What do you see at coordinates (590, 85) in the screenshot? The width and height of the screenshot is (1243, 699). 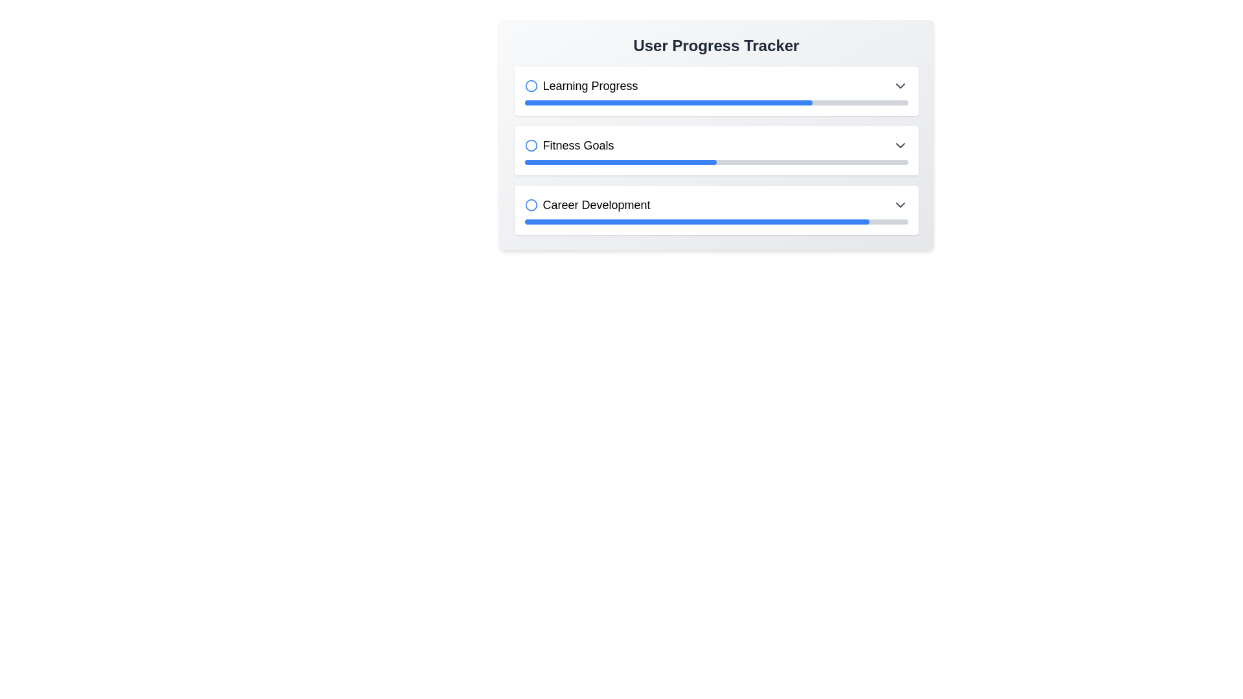 I see `text label that describes the first progress tracking item in the 'User Progress Tracker' section, which is positioned to the right of a circular icon` at bounding box center [590, 85].